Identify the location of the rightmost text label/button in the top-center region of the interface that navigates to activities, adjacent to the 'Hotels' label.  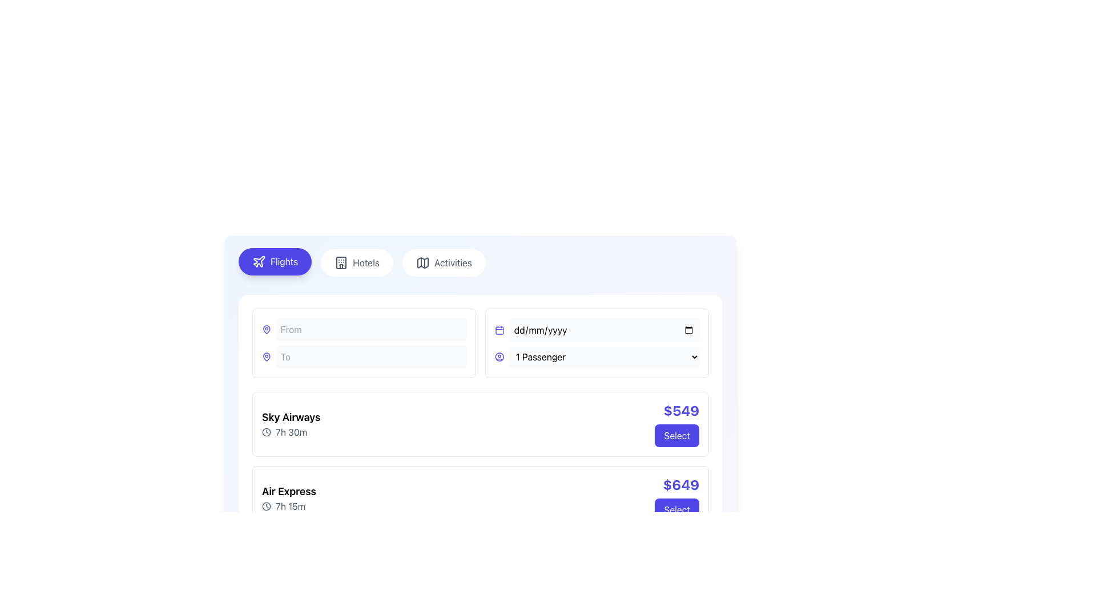
(452, 263).